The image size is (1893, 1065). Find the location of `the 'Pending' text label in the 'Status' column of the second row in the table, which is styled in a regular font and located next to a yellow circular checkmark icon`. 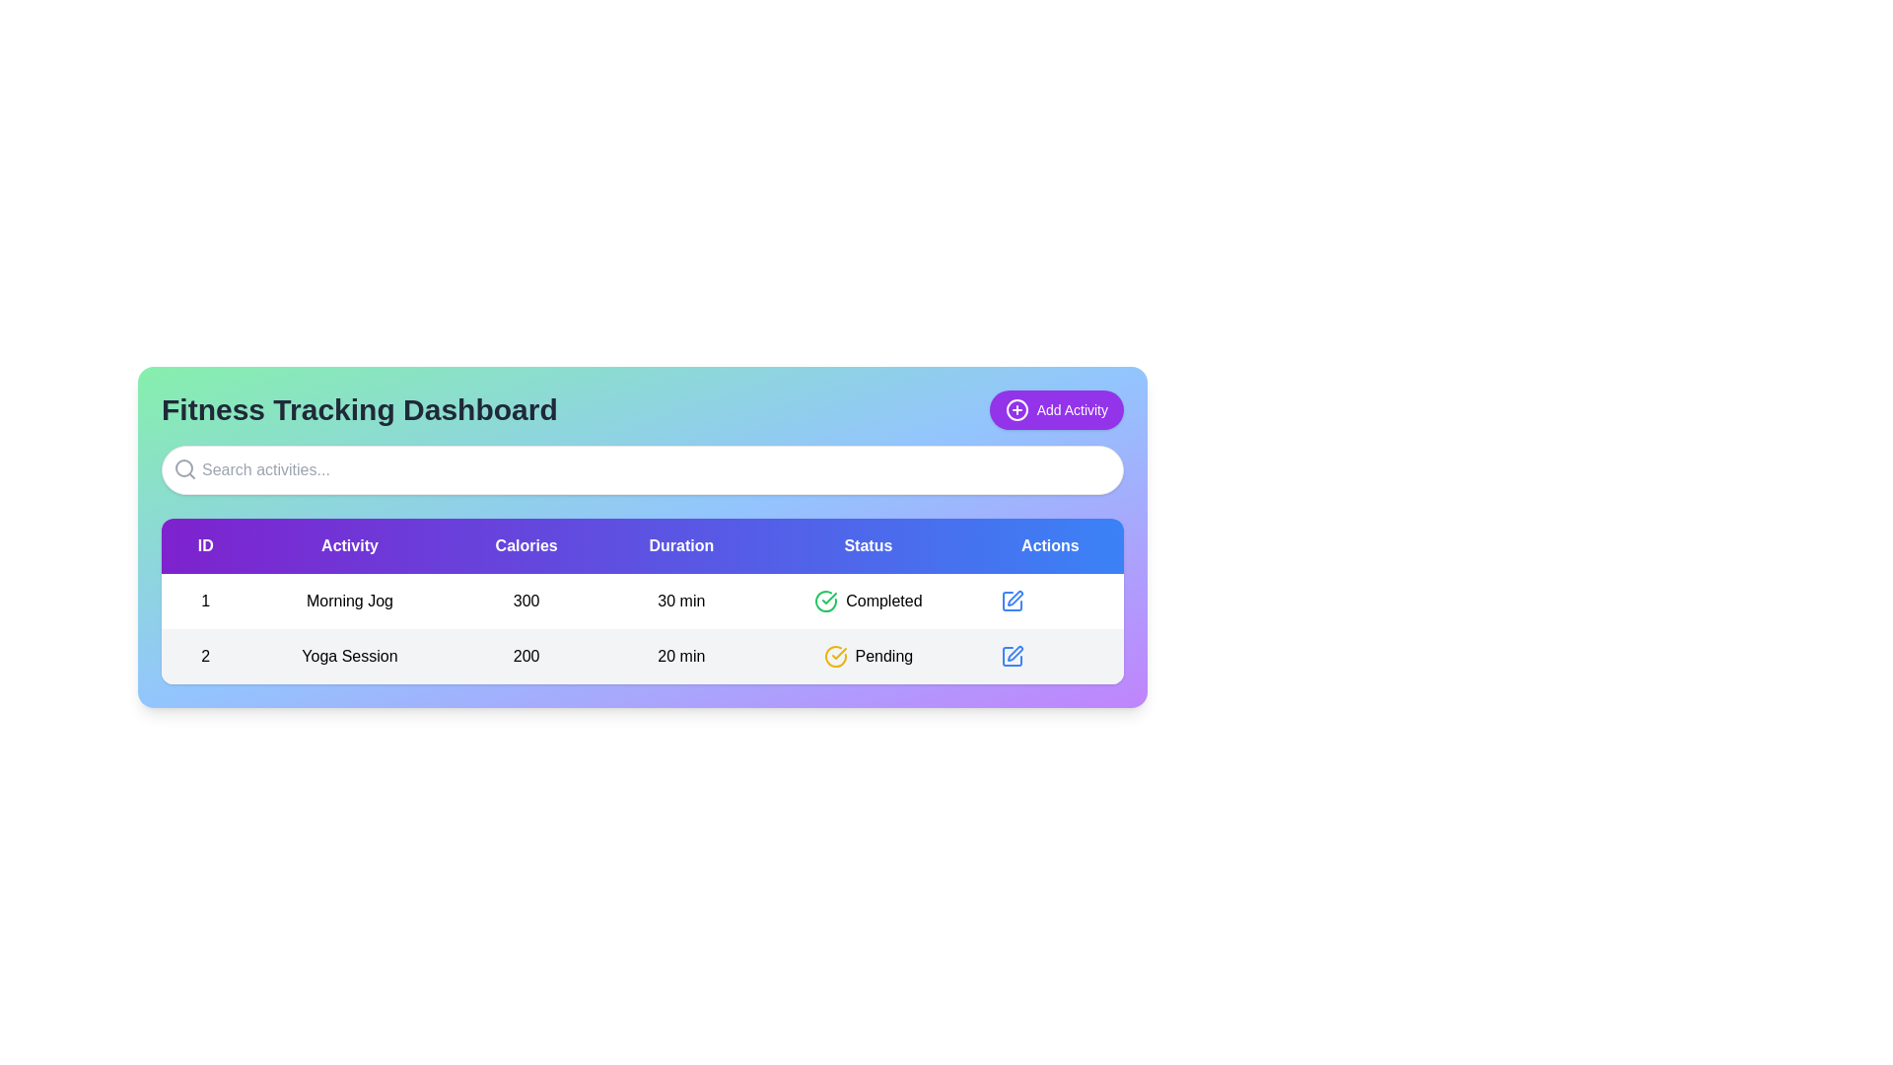

the 'Pending' text label in the 'Status' column of the second row in the table, which is styled in a regular font and located next to a yellow circular checkmark icon is located at coordinates (882, 657).